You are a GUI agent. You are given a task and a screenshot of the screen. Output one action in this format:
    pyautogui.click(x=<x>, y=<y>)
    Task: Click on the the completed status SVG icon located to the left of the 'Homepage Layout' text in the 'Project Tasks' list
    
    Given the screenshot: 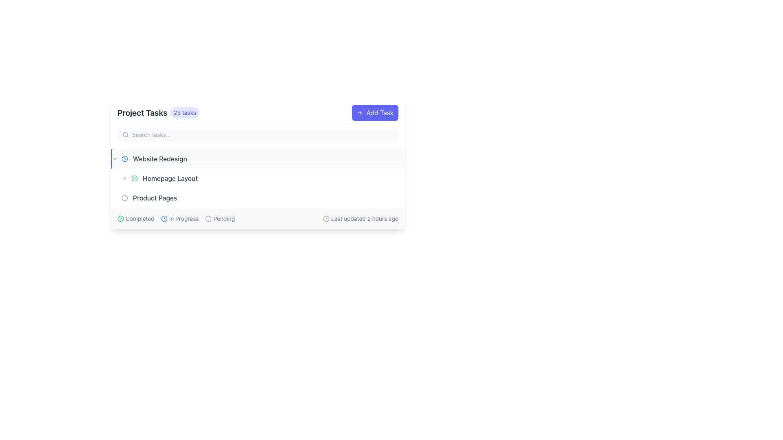 What is the action you would take?
    pyautogui.click(x=135, y=178)
    